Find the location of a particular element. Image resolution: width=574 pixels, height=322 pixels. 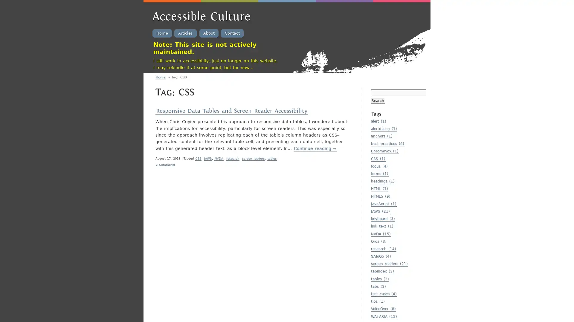

Search is located at coordinates (377, 100).